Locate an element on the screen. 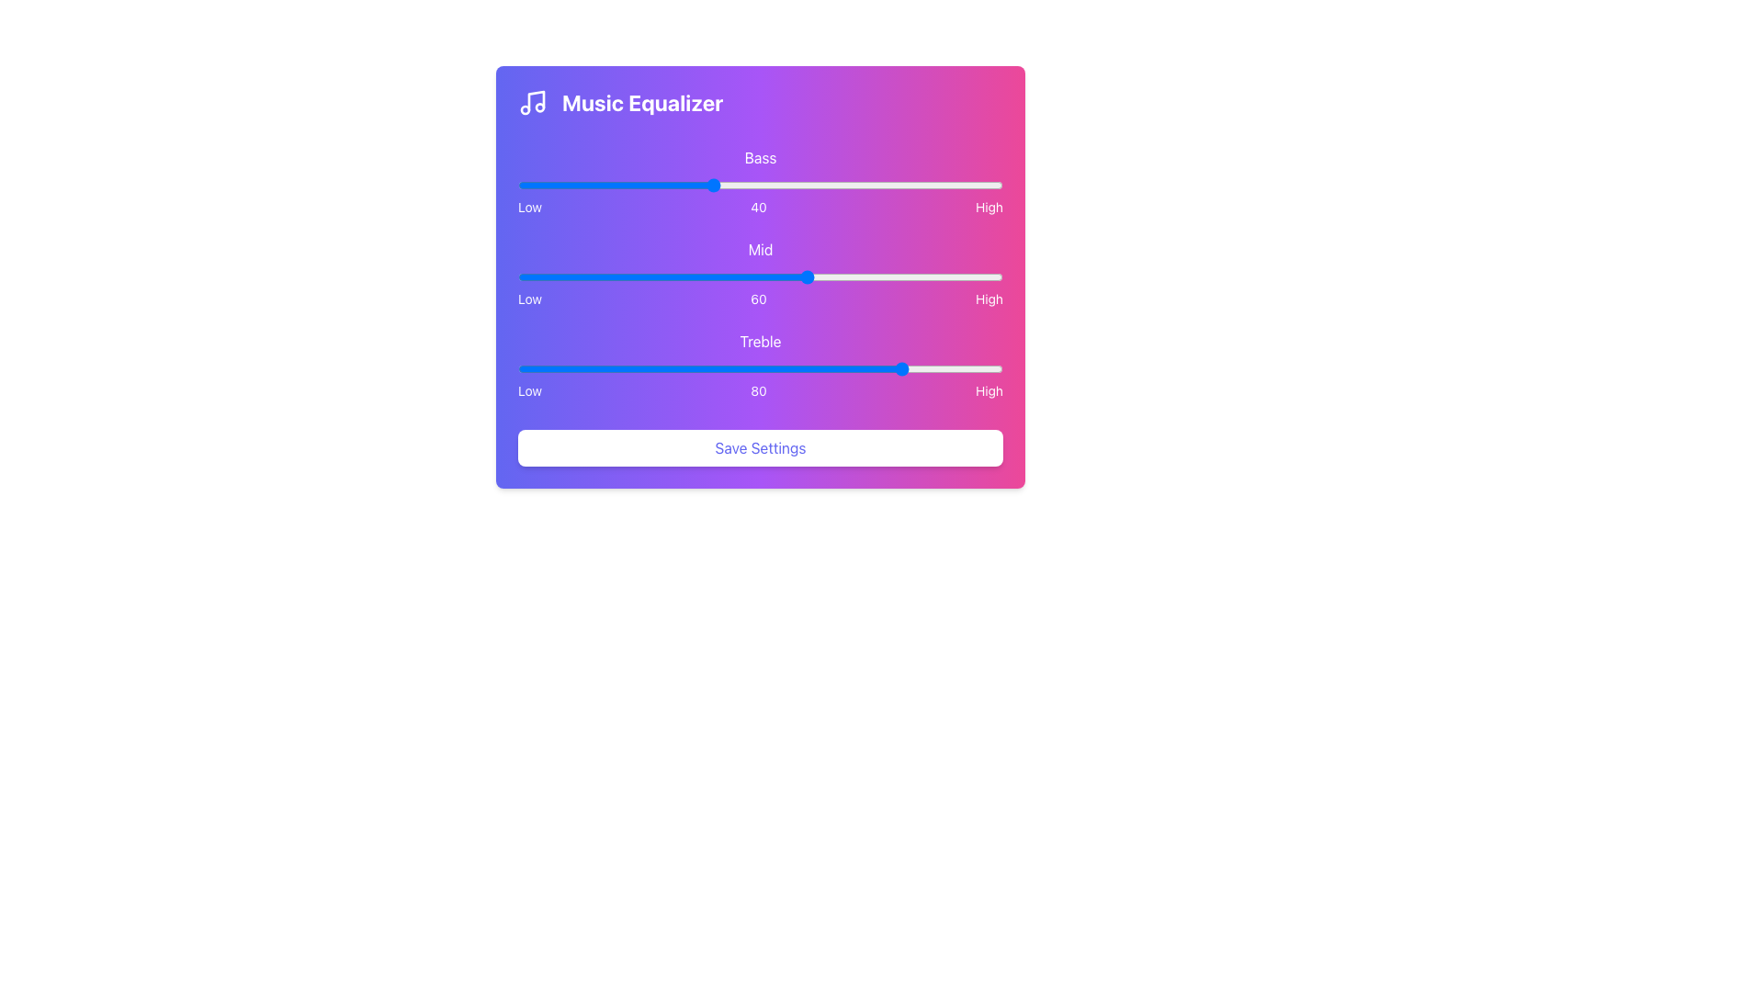  the bass level is located at coordinates (595, 185).